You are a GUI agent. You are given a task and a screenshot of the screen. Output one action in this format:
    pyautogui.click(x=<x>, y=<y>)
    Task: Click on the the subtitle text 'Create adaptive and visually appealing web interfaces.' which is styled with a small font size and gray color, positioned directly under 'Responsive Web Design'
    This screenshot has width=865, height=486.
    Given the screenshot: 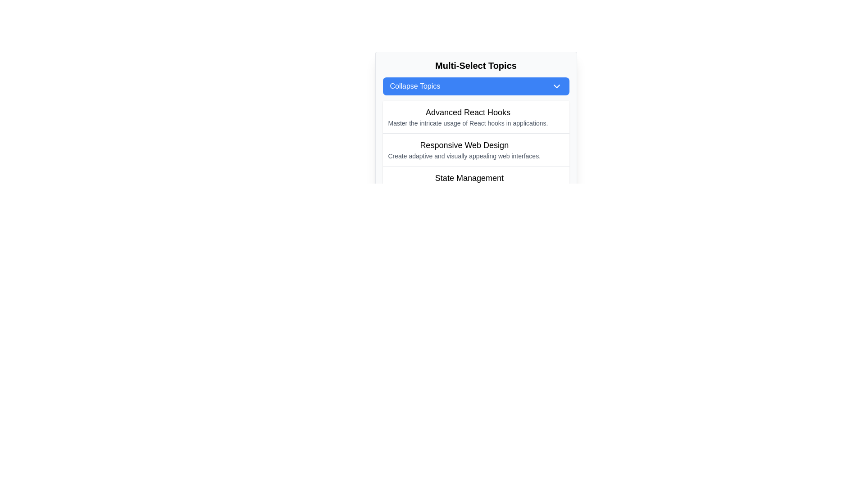 What is the action you would take?
    pyautogui.click(x=464, y=156)
    